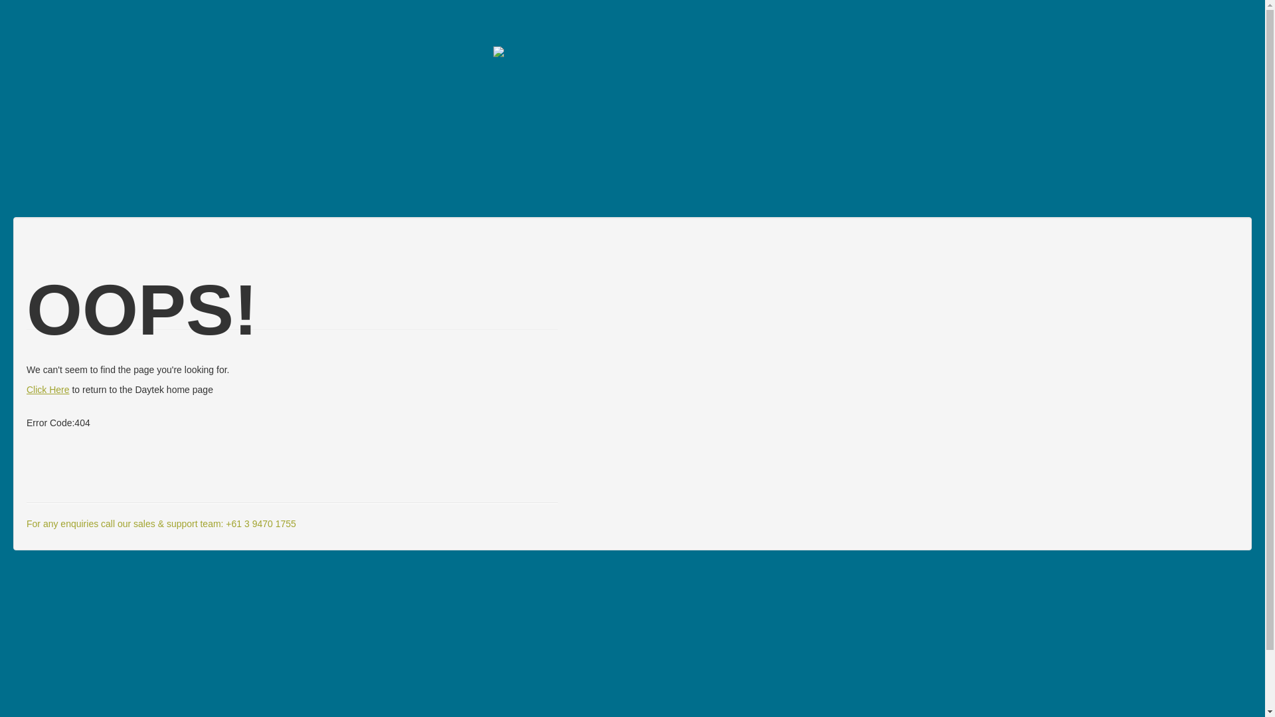 This screenshot has width=1275, height=717. I want to click on 'Click Here', so click(48, 388).